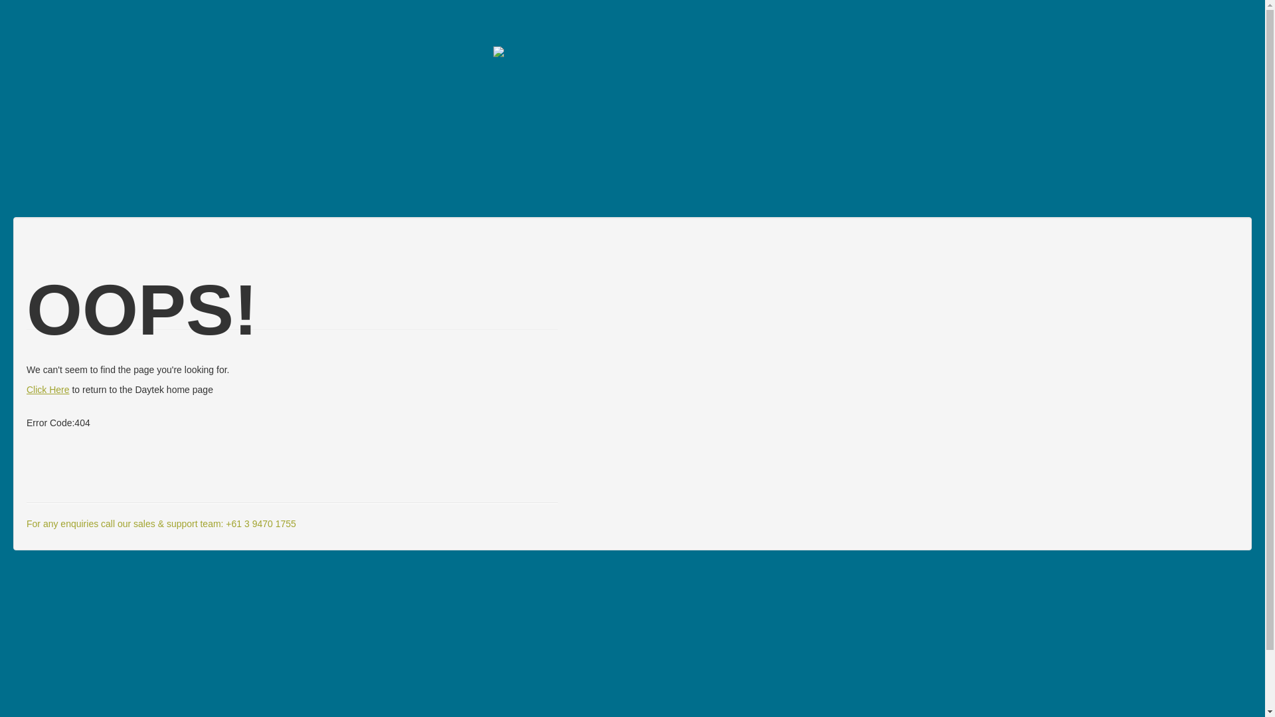 This screenshot has width=1275, height=717. I want to click on 'Click Here', so click(48, 388).